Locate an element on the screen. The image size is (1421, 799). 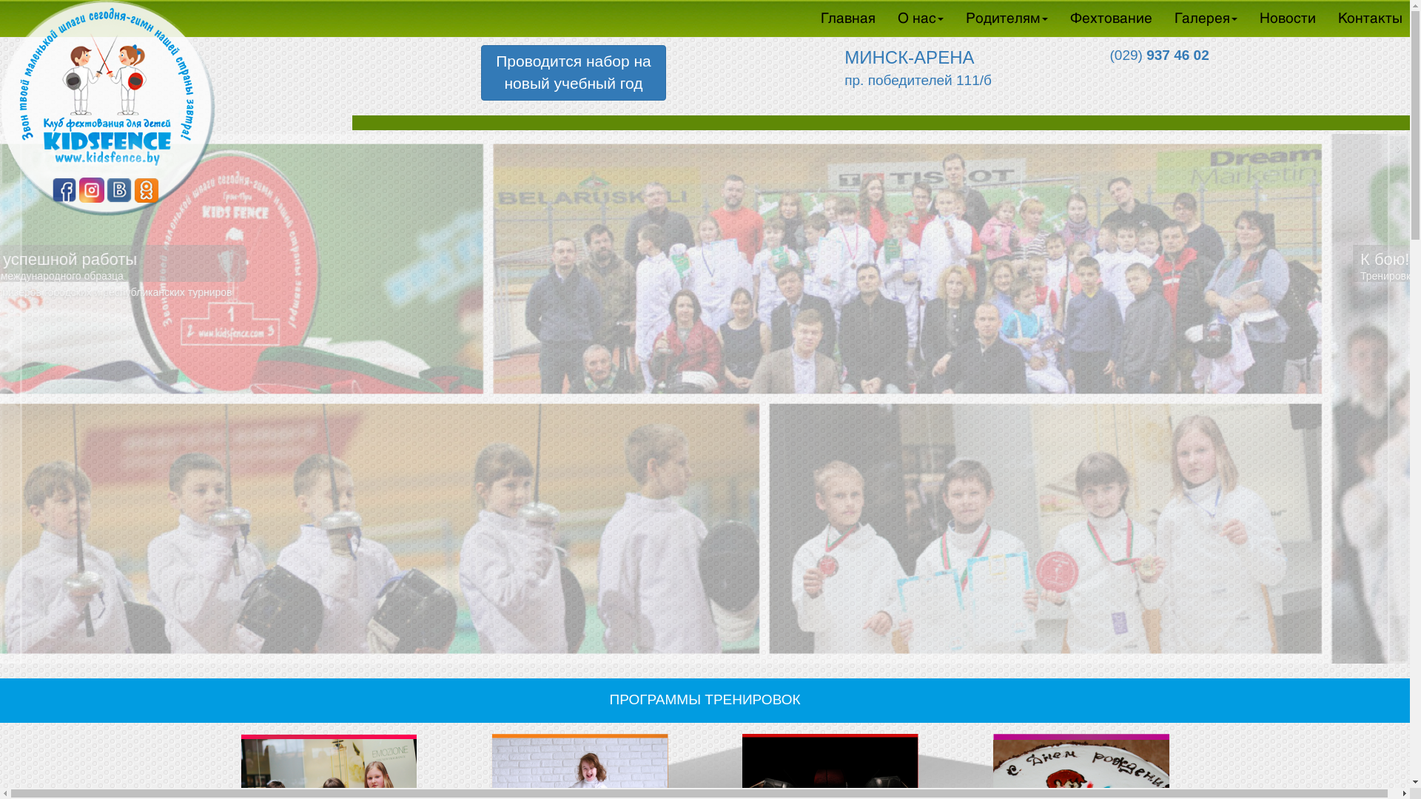
' ' is located at coordinates (1147, 82).